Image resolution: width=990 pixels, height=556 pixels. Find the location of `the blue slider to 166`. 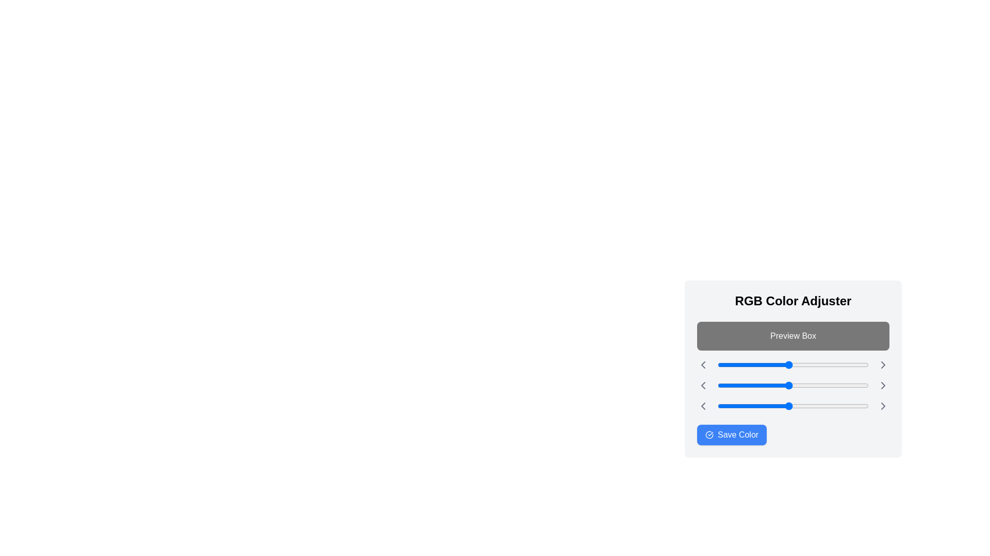

the blue slider to 166 is located at coordinates (815, 406).